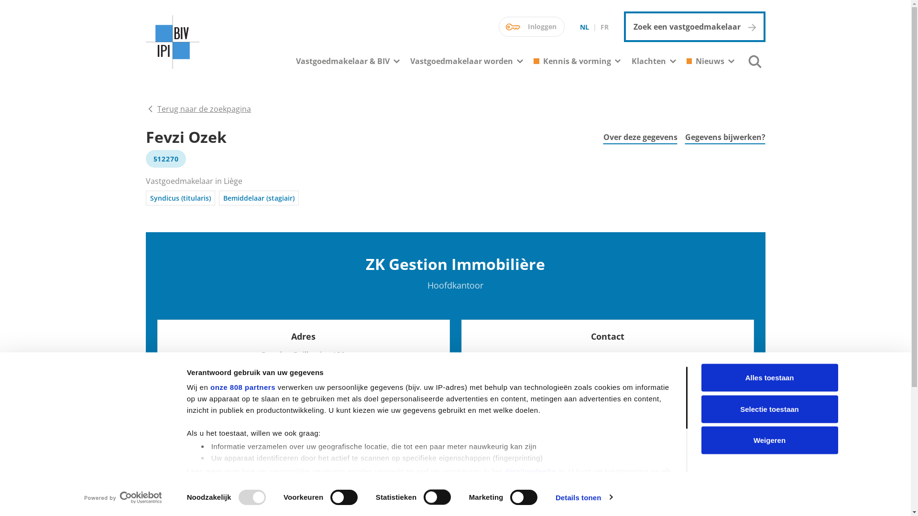 The height and width of the screenshot is (516, 918). Describe the element at coordinates (530, 26) in the screenshot. I see `'Inloggen'` at that location.